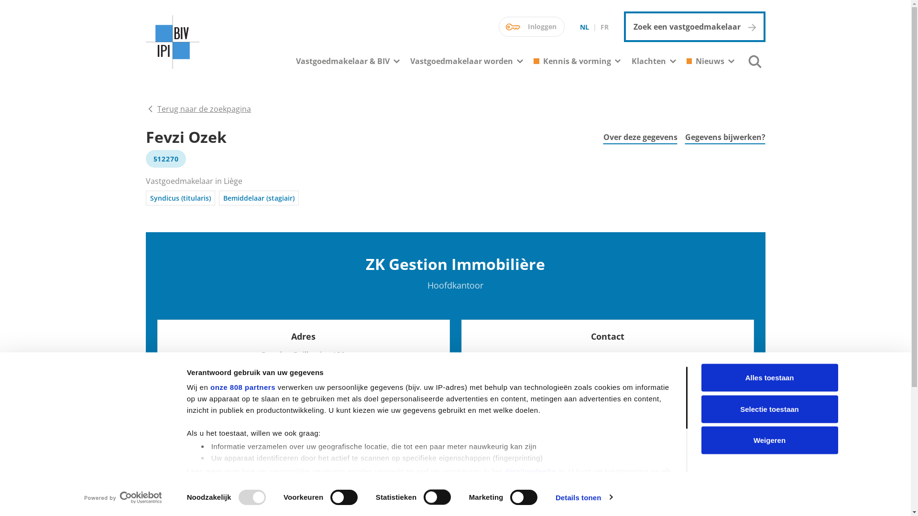 The height and width of the screenshot is (516, 918). Describe the element at coordinates (530, 26) in the screenshot. I see `'Inloggen'` at that location.